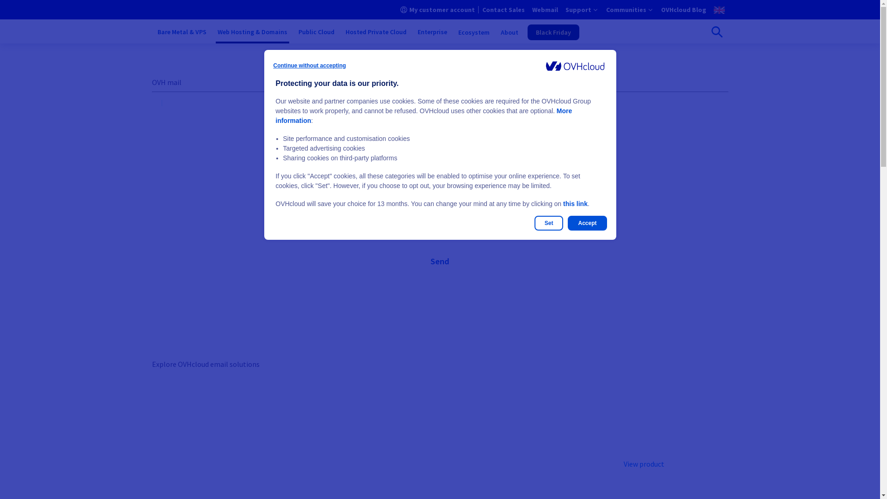  What do you see at coordinates (297, 31) in the screenshot?
I see `'Public Cloud'` at bounding box center [297, 31].